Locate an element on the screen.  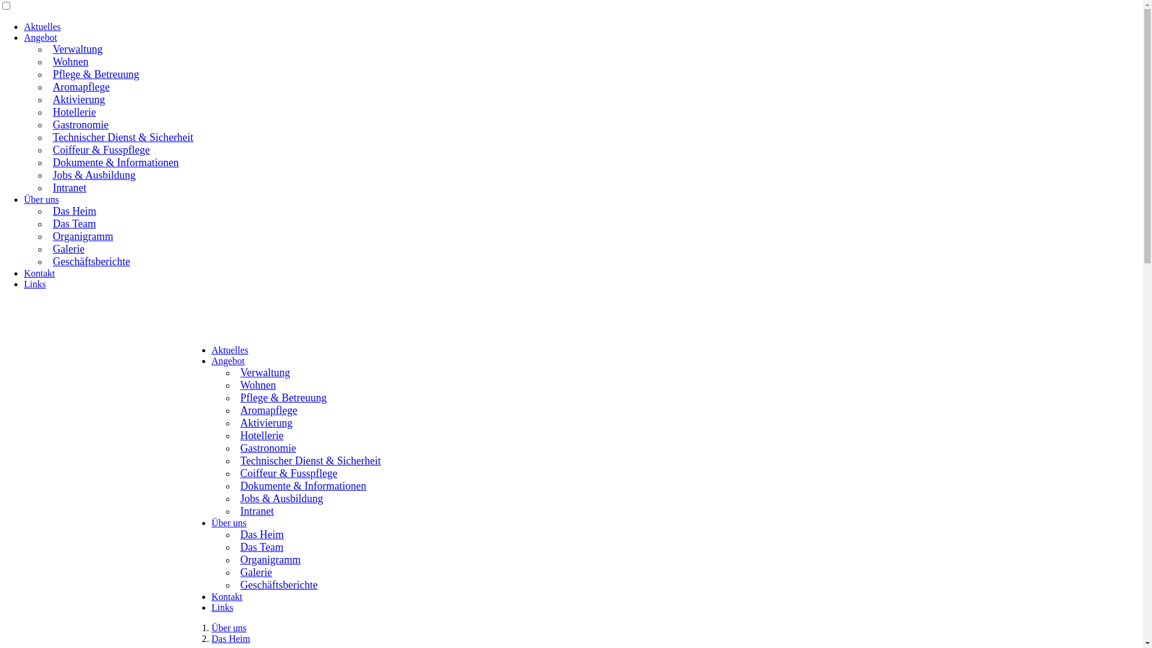
'Verwaltung' is located at coordinates (263, 370).